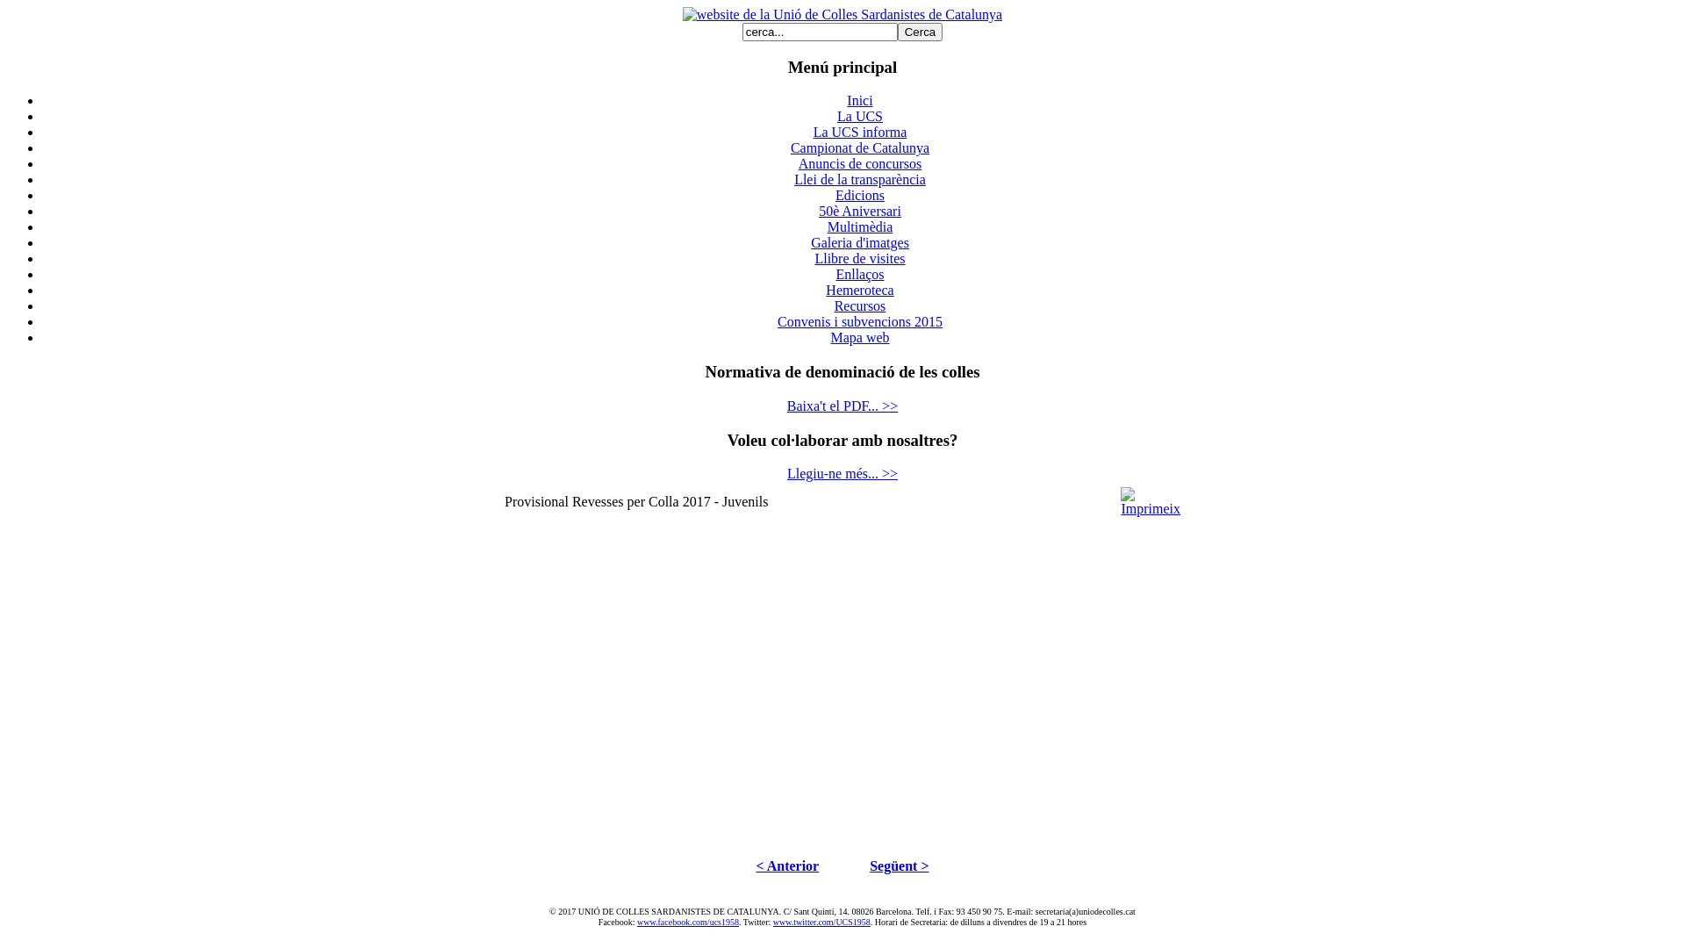 The width and height of the screenshot is (1685, 948). I want to click on 'Edicions', so click(834, 195).